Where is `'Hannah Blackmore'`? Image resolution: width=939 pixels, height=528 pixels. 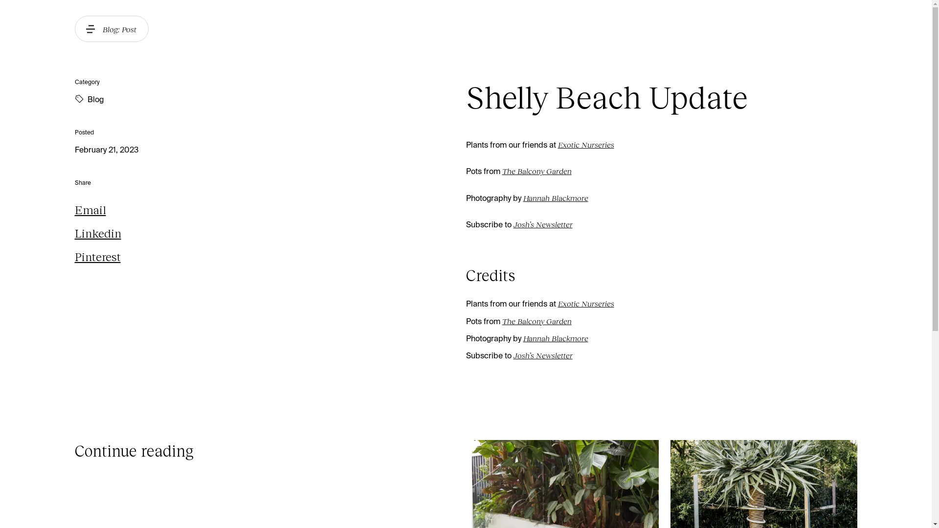
'Hannah Blackmore' is located at coordinates (556, 337).